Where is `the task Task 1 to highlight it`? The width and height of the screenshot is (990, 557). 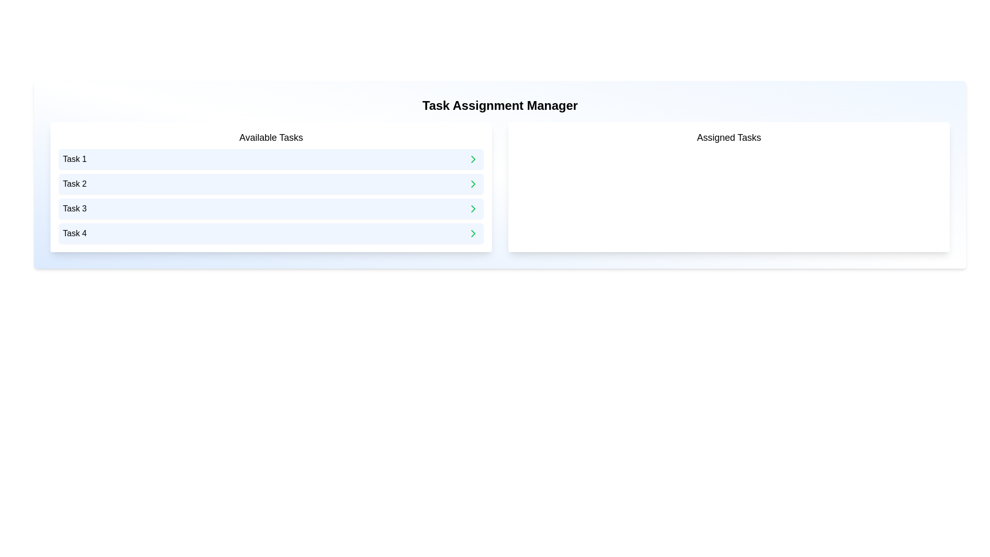 the task Task 1 to highlight it is located at coordinates (271, 159).